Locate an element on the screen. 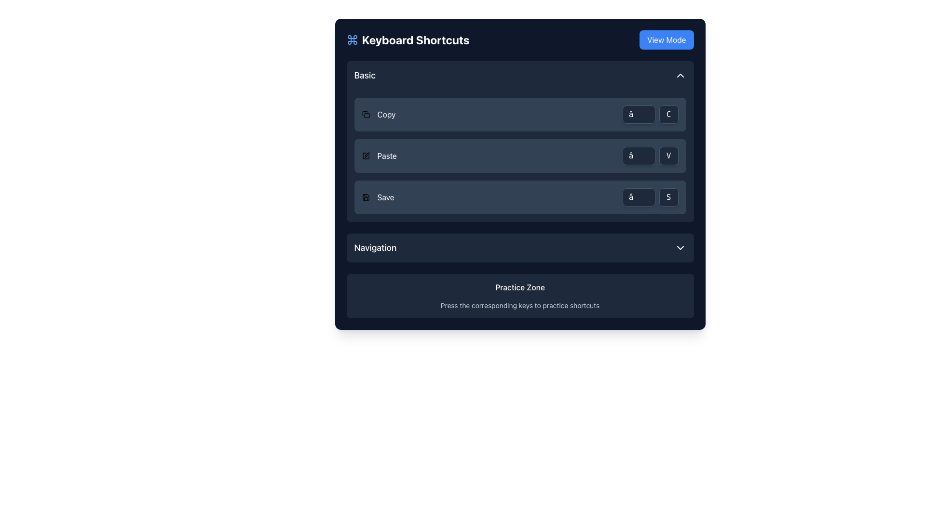 This screenshot has width=926, height=520. the Keyboard shortcut indicator for the 'Save' function, which consists of the symbol (⌘) and the letter (S) styled as buttons with a dark background and white text is located at coordinates (650, 196).